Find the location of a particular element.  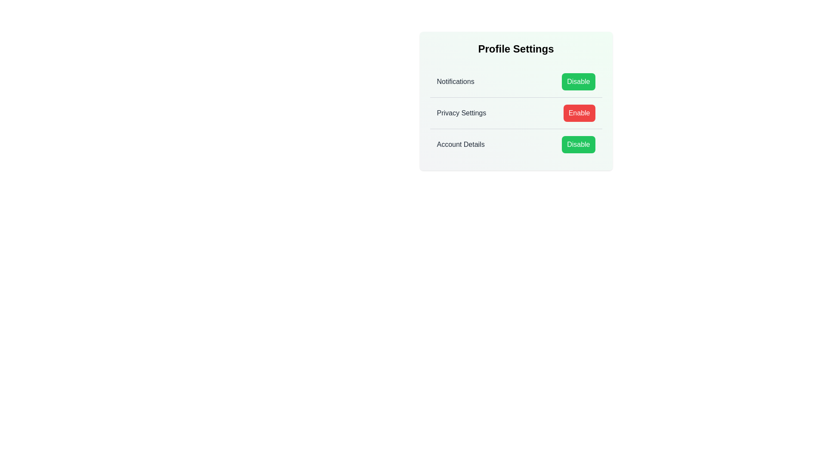

'Disable' button for 'Notifications' to toggle the setting is located at coordinates (578, 81).